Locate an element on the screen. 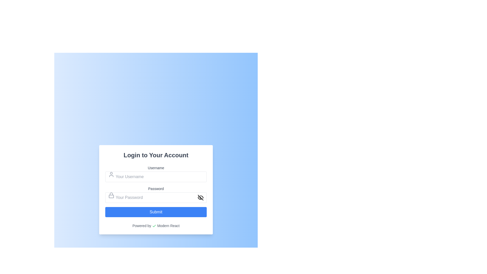 The height and width of the screenshot is (274, 487). the text with inline icon located at the bottom of the interface card, below the 'Submit' button, which provides attribution or branding information is located at coordinates (155, 226).